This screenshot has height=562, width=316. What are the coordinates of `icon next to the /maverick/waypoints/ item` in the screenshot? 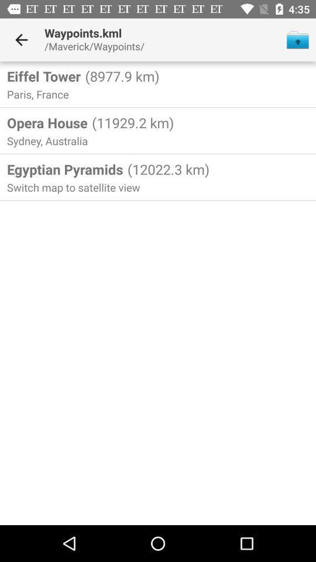 It's located at (297, 40).